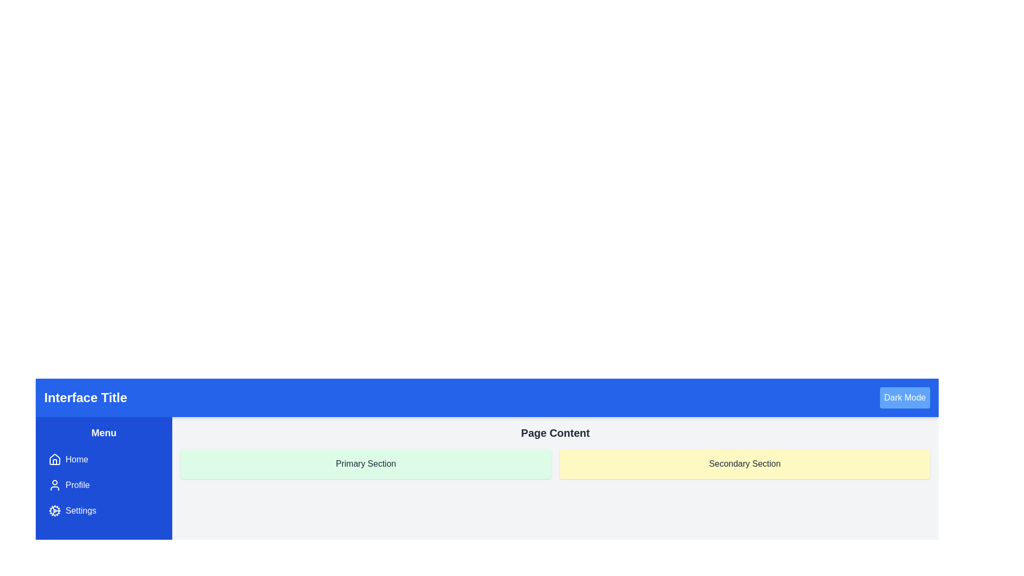  I want to click on the third menu item in the vertical menu on the left side of the application interface, which is labeled for accessing the settings page and has a gear icon to its left, so click(80, 510).